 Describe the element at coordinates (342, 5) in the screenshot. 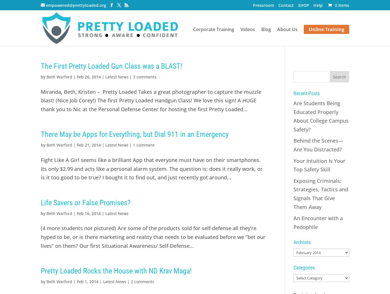

I see `'0 Items'` at that location.